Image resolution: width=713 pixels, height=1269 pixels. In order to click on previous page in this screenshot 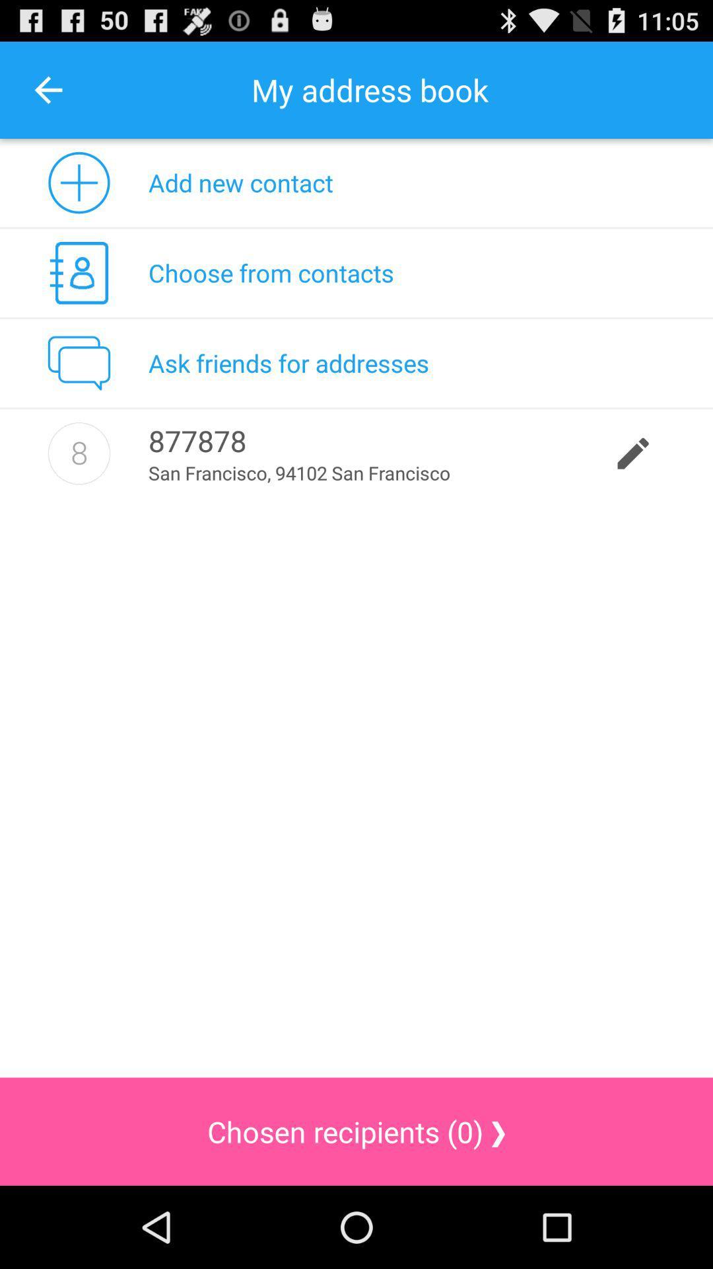, I will do `click(48, 89)`.